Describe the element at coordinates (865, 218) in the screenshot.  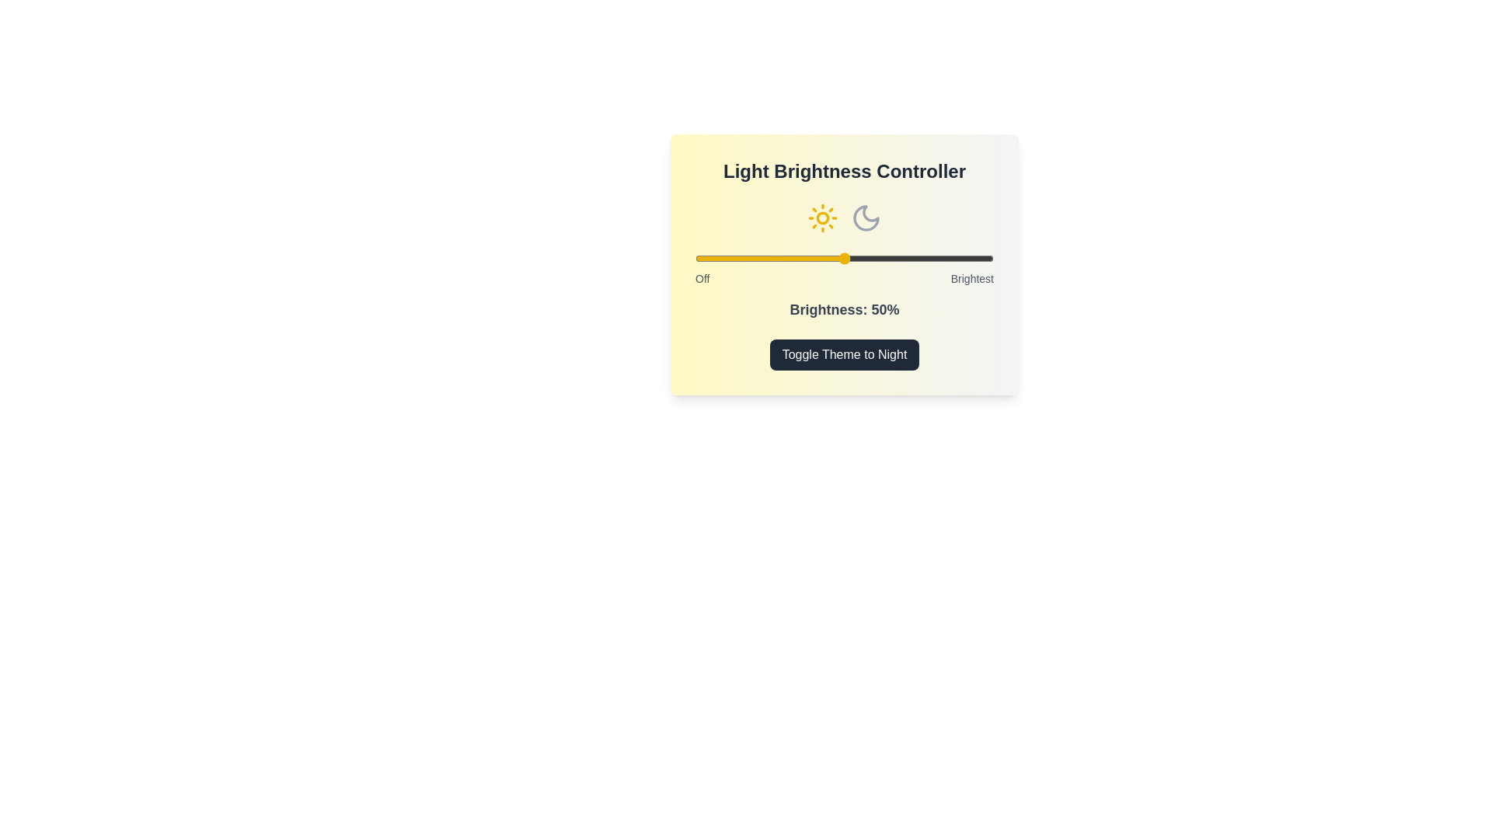
I see `the moon icon to toggle the theme` at that location.